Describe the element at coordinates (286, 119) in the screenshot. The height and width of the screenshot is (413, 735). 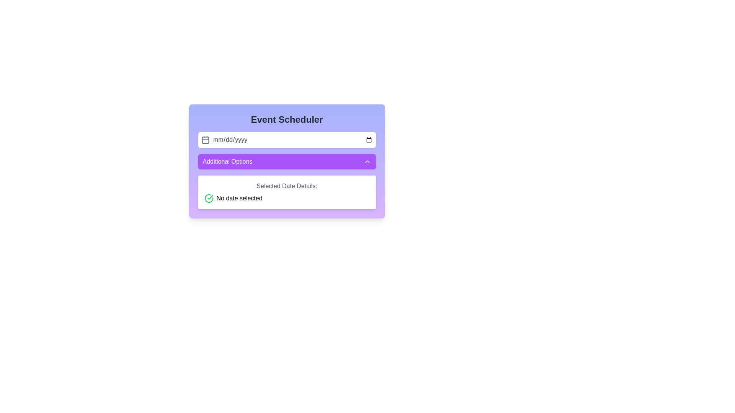
I see `the title header text label that provides context for the interface related to scheduling events, positioned at the top center of the interface above other elements` at that location.